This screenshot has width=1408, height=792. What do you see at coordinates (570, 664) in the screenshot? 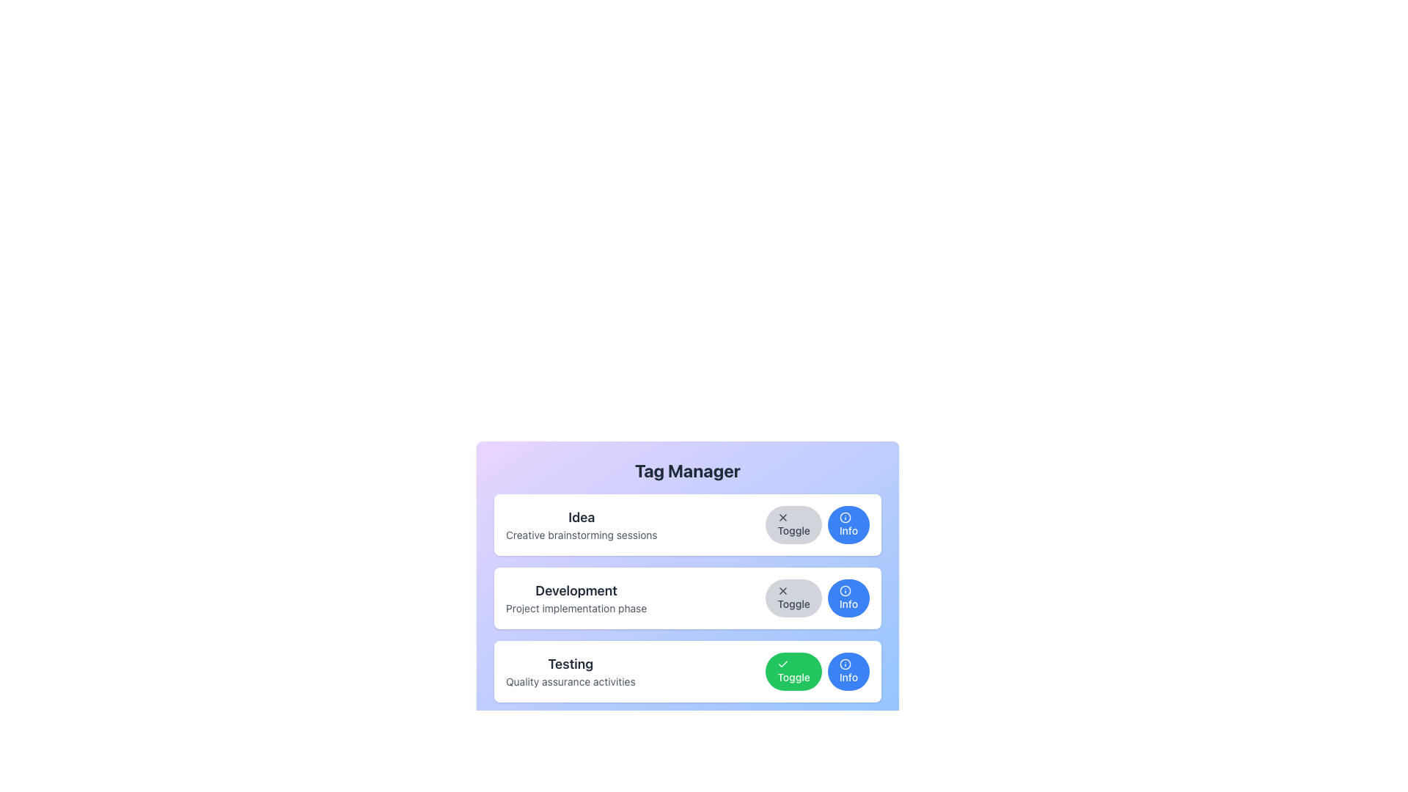
I see `the text label displaying 'Testing' in semi-bold font style, located in the third section of the 'Tag Manager' interface` at bounding box center [570, 664].